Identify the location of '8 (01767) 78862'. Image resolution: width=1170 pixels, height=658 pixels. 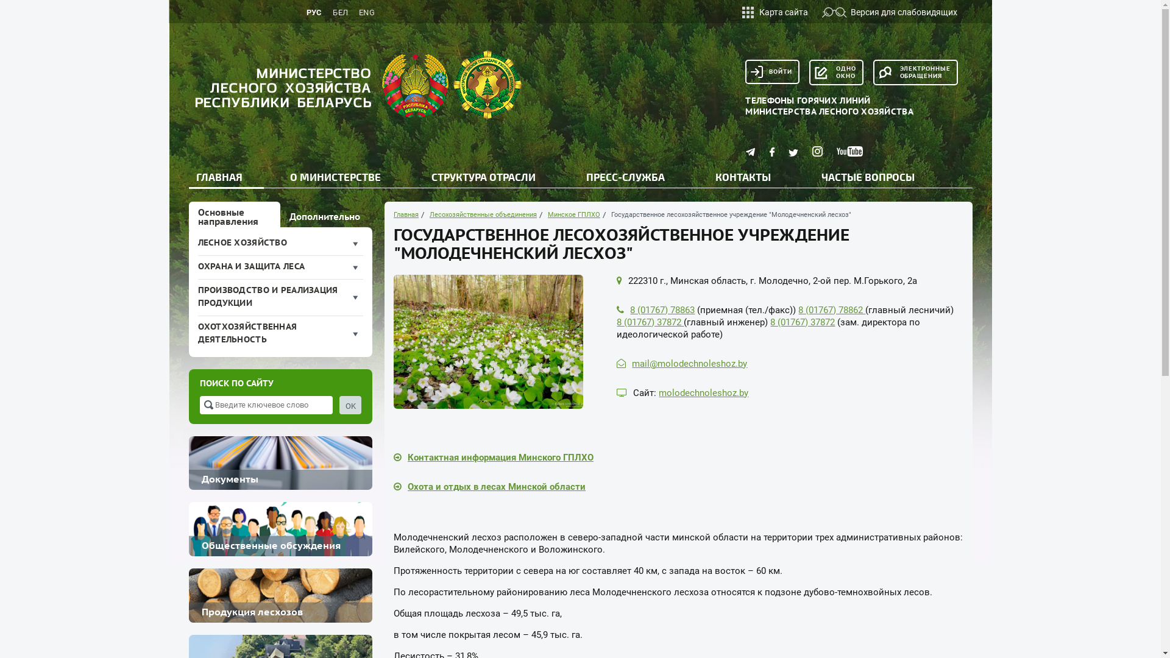
(831, 310).